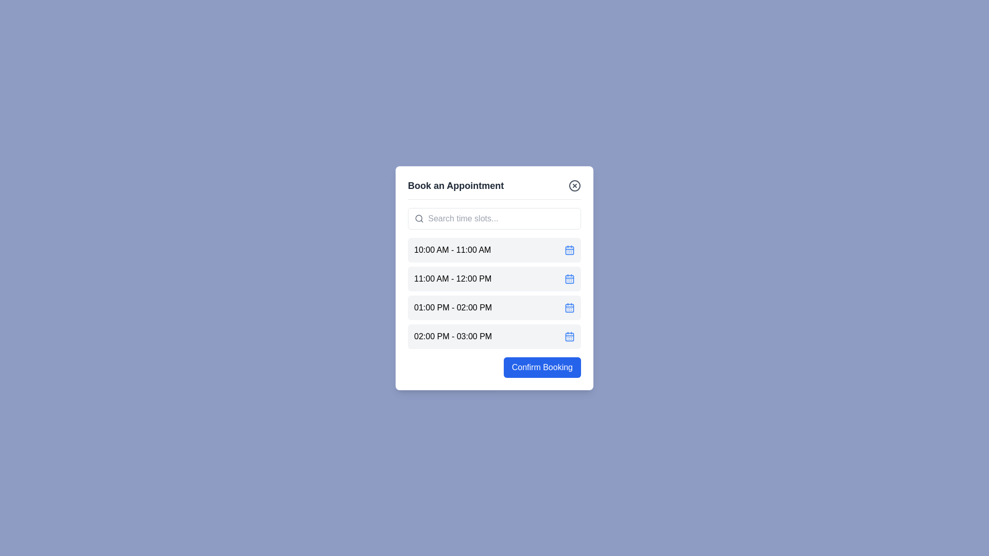 The width and height of the screenshot is (989, 556). What do you see at coordinates (494, 336) in the screenshot?
I see `the time slot labeled 02:00 PM - 03:00 PM` at bounding box center [494, 336].